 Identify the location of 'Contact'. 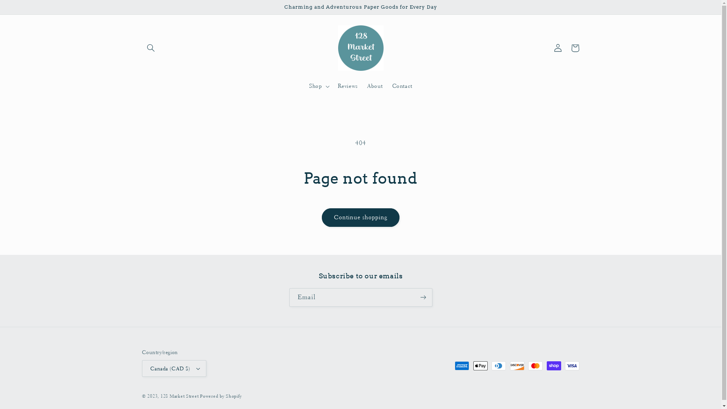
(402, 86).